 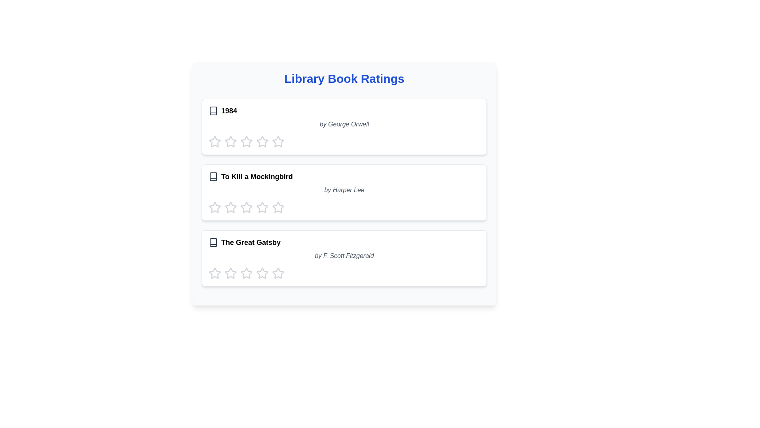 I want to click on the star icons in the Rating component for 'The Great Gatsby', so click(x=344, y=273).